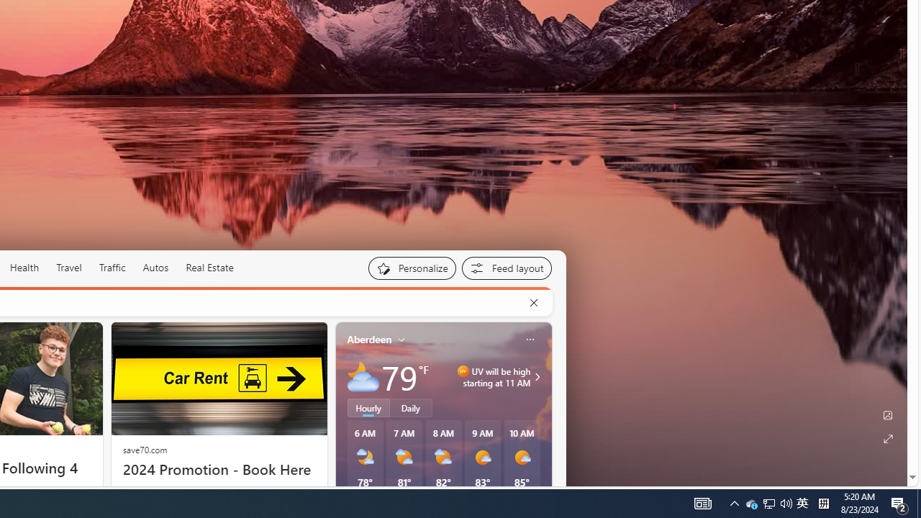  What do you see at coordinates (111, 267) in the screenshot?
I see `'Traffic'` at bounding box center [111, 267].